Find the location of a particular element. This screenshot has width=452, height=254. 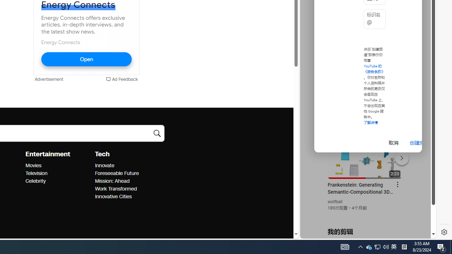

'Tech Work Transformed' is located at coordinates (115, 188).